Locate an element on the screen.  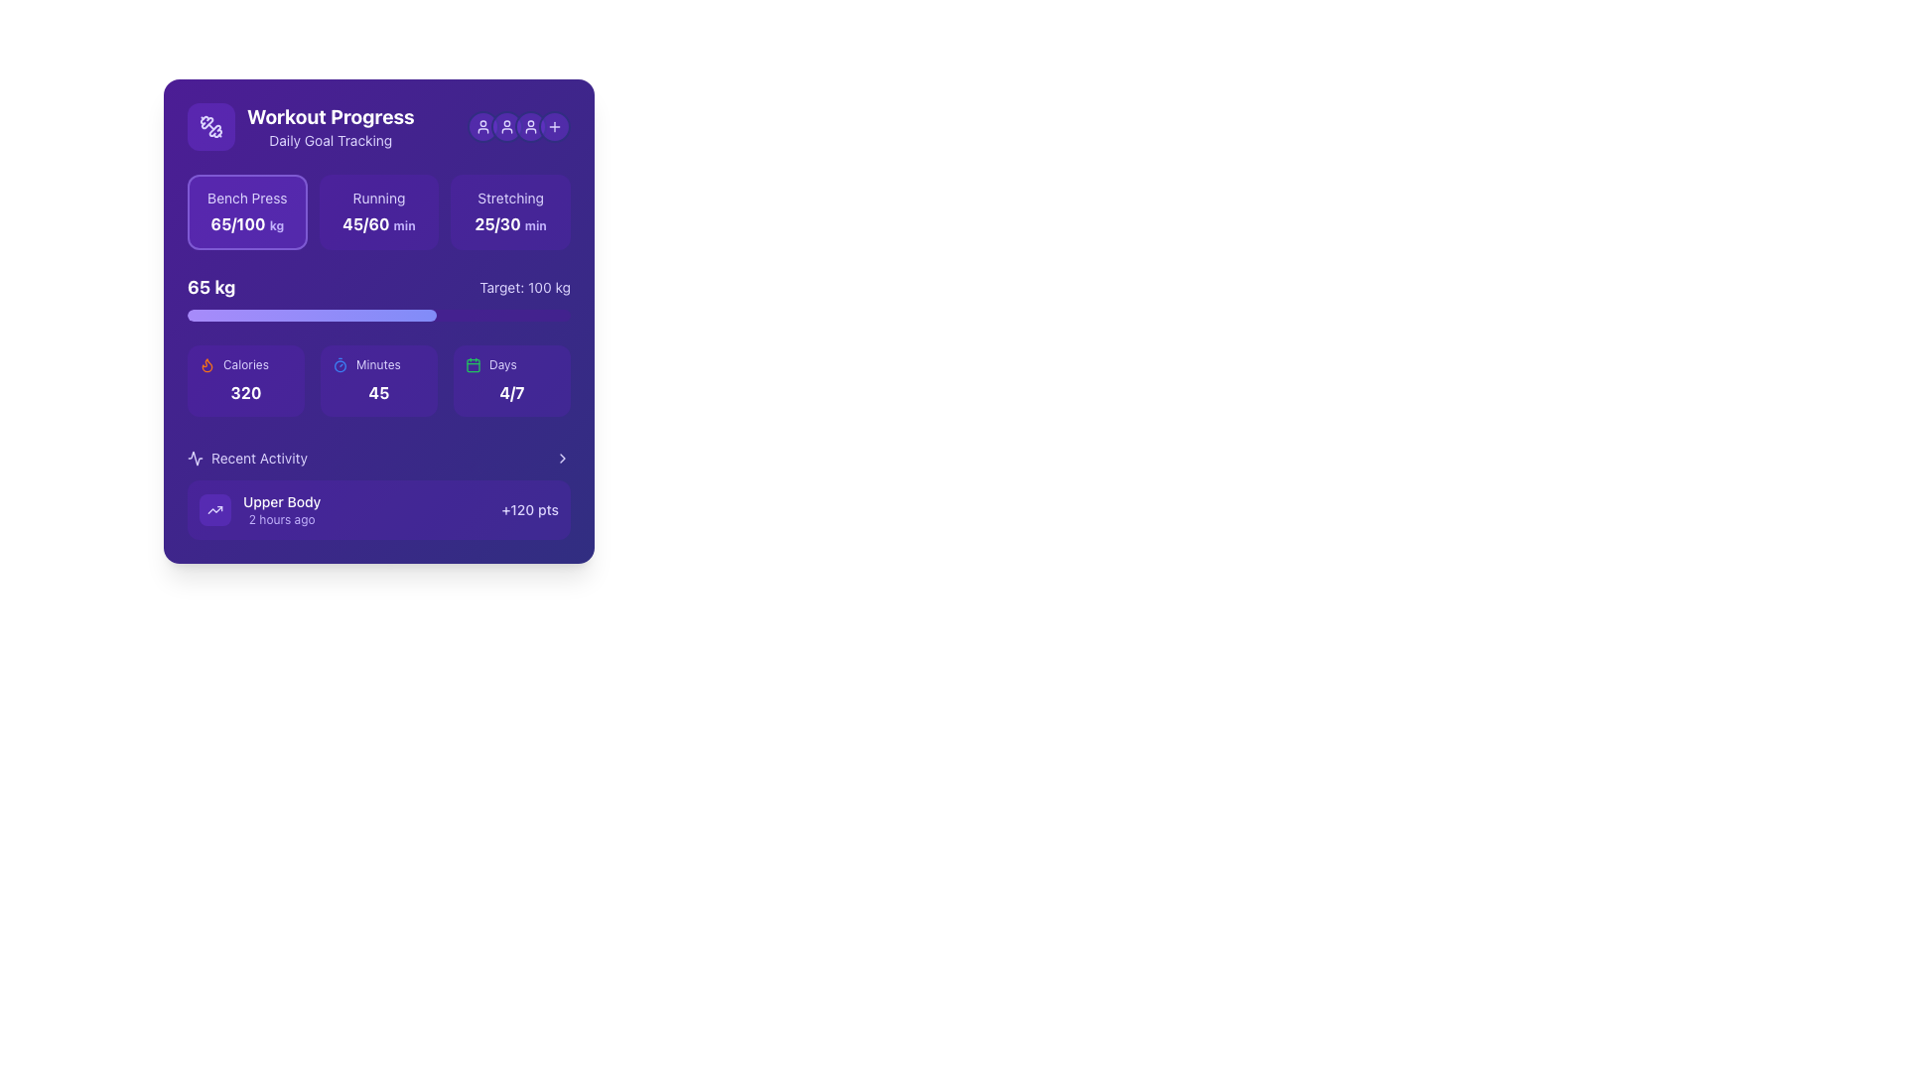
the decorative flame-shaped SVG icon filled with orange color, located in the upper right quadrant of the widget is located at coordinates (207, 364).